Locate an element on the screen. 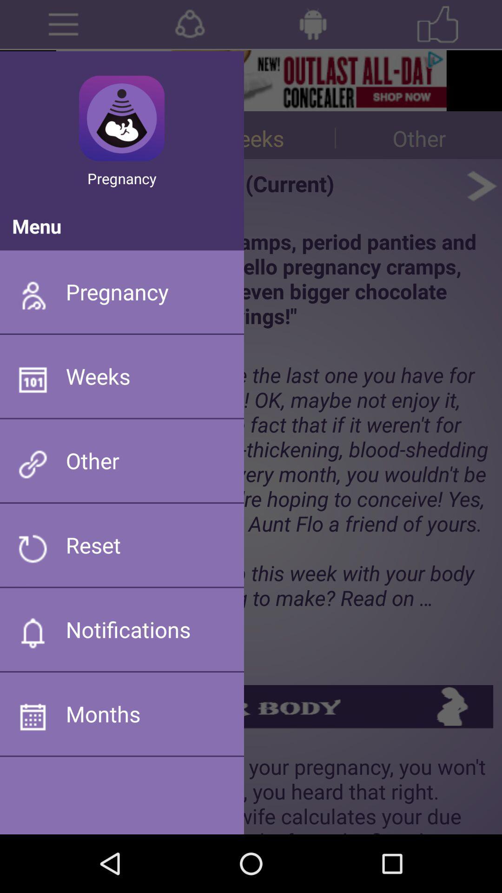  the arrow_forward icon is located at coordinates (481, 198).